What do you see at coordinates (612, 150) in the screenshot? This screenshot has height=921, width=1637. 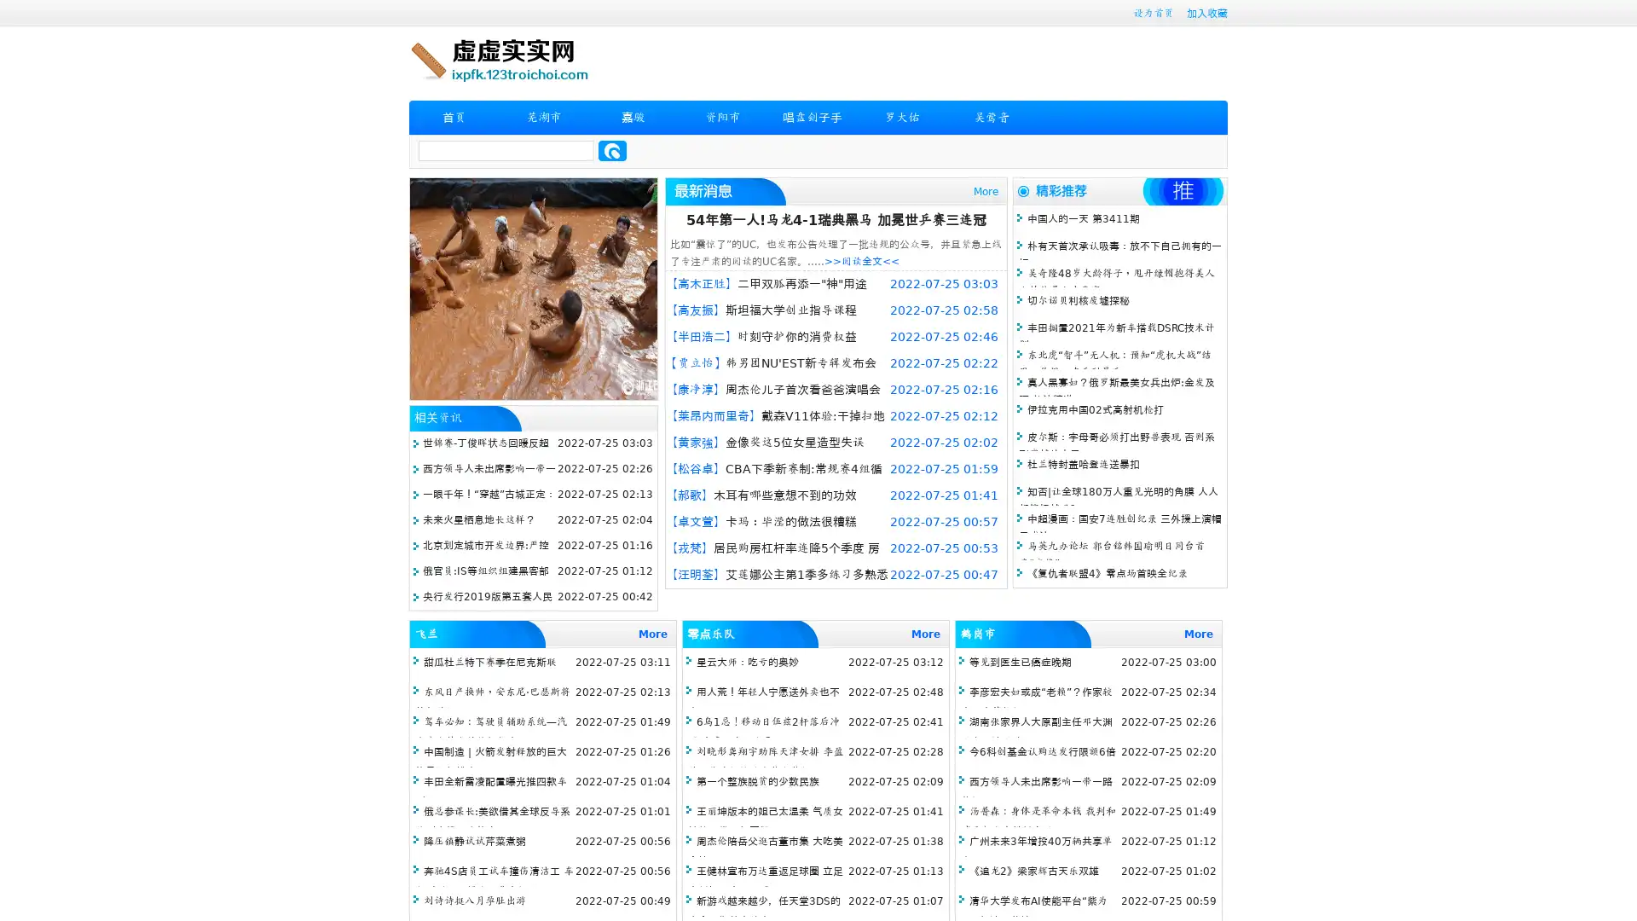 I see `Search` at bounding box center [612, 150].